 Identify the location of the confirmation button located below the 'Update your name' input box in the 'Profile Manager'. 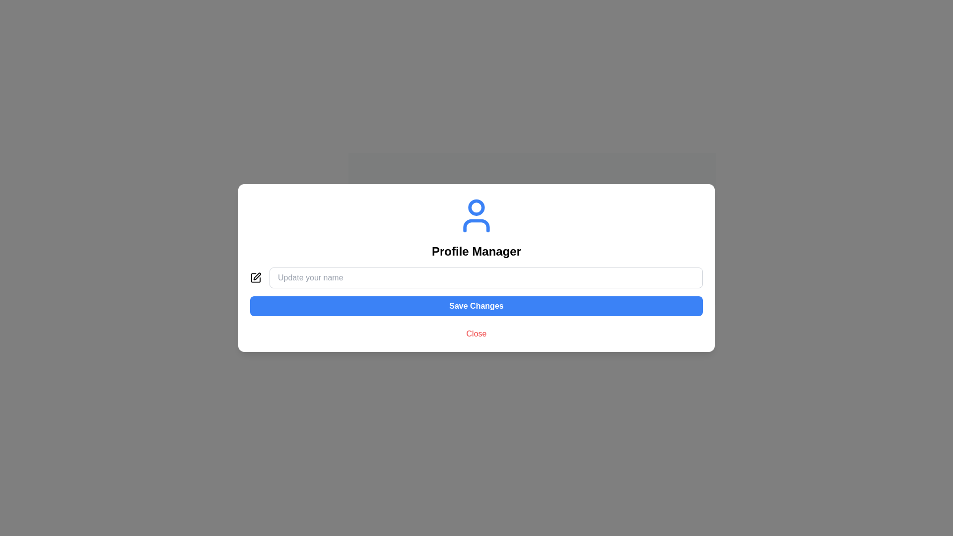
(476, 291).